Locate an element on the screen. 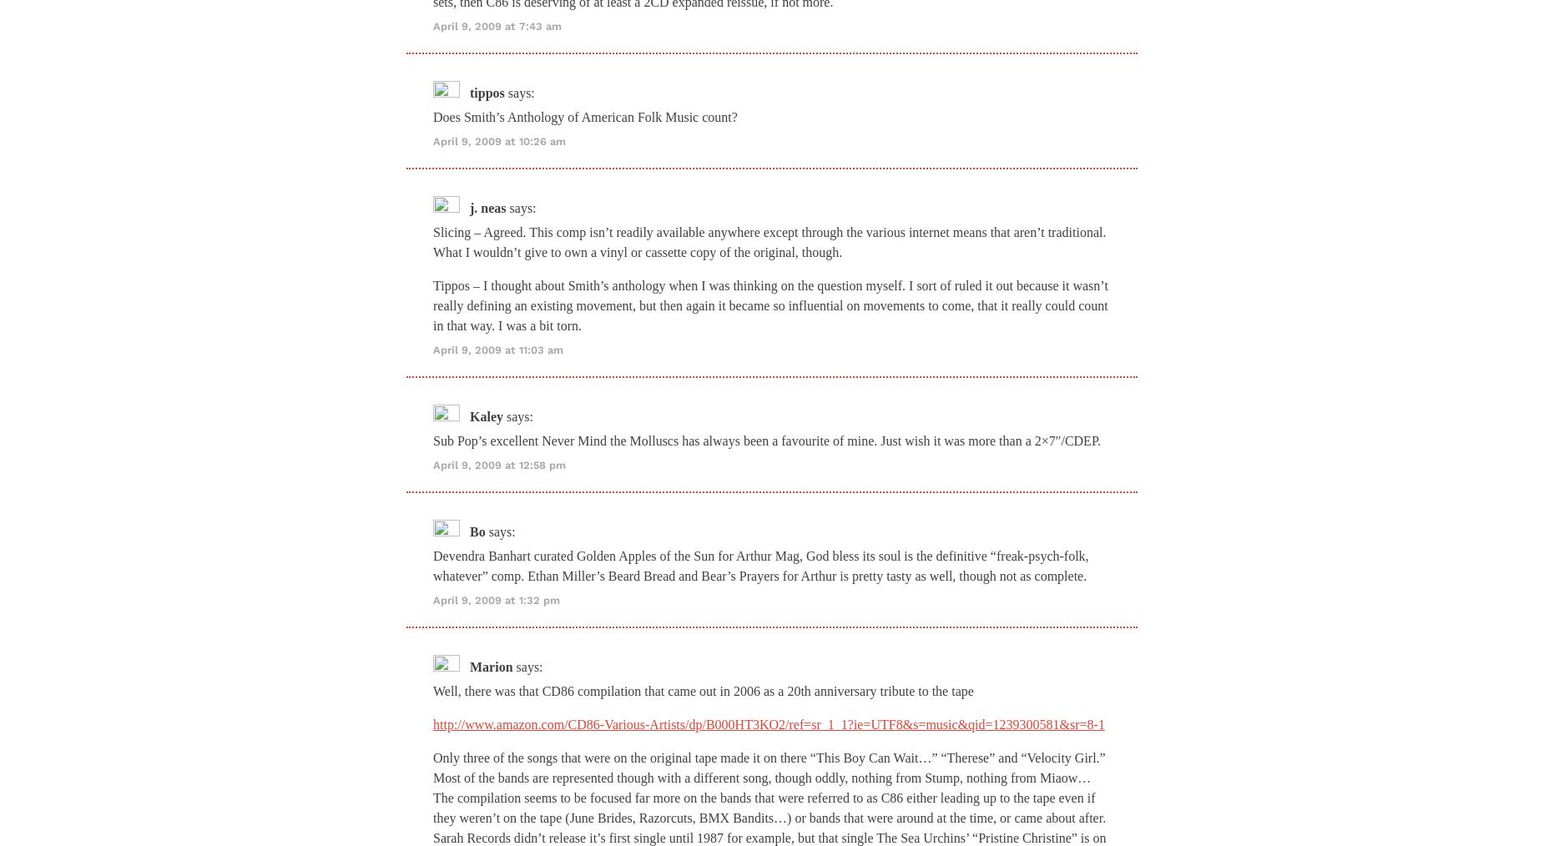 The height and width of the screenshot is (846, 1544). 'Slicing – Agreed.  This comp isn’t readily available anywhere except through the various internet means that aren’t traditional.  What I wouldn’t give to own a vinyl or cassette copy of the original, though.' is located at coordinates (769, 241).